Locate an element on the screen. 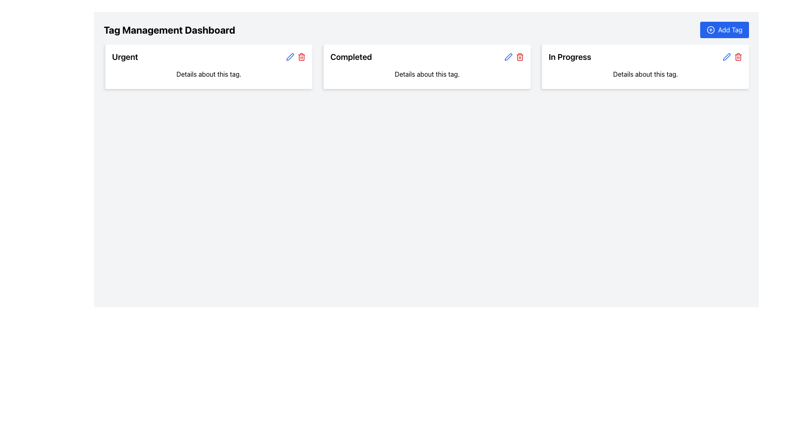  the 'In Progress' title label located at the top-right section of the rightmost card in the horizontal row of cards labeled 'Urgent', 'Completed', and 'In Progress' is located at coordinates (569, 56).